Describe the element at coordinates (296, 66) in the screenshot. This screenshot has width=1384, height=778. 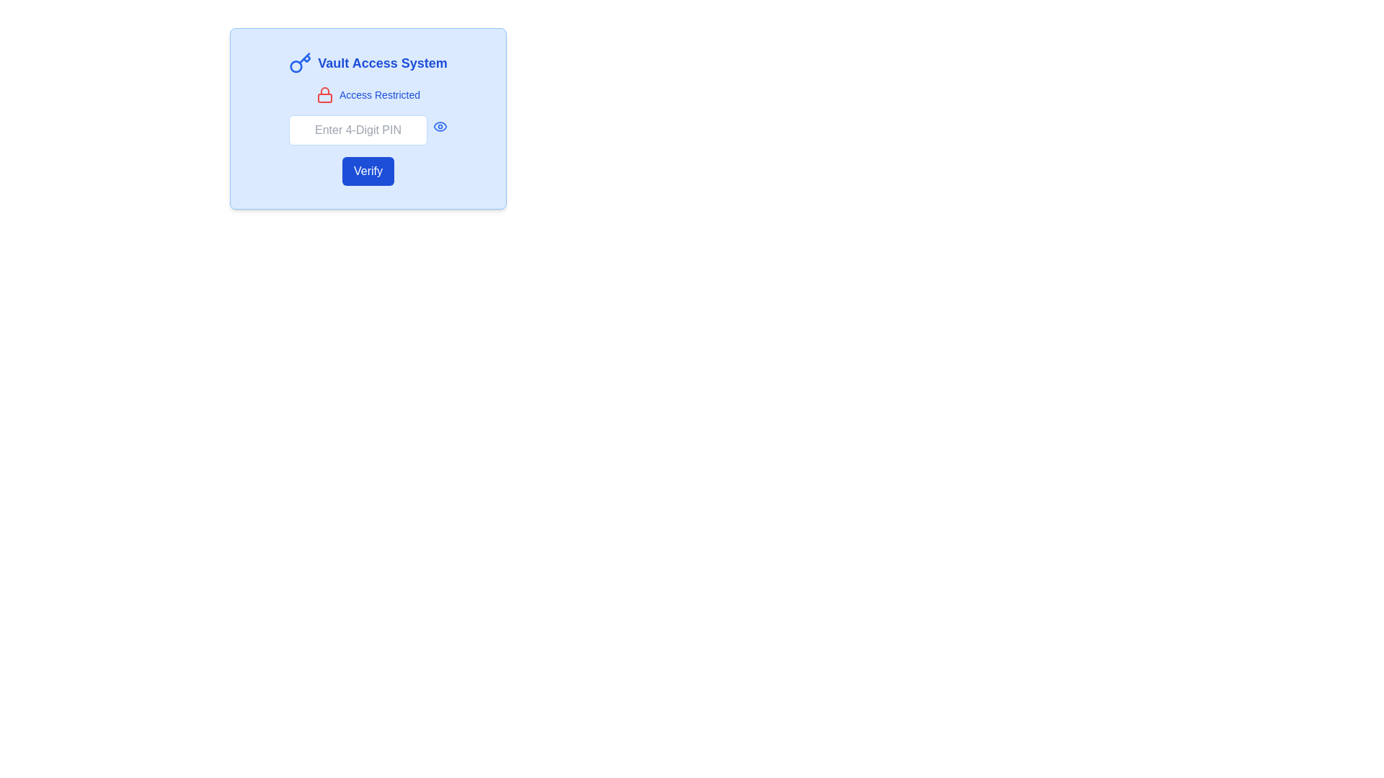
I see `the circular graphic element located in the lower-left quadrant of the key icon on the 'Vault Access System' interface` at that location.